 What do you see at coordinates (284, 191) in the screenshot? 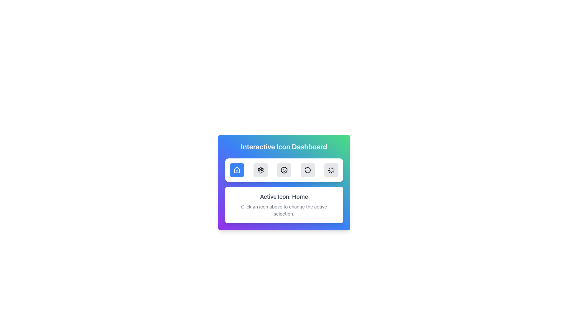
I see `the text label that displays information about the currently active icon and instructions for changing the selection` at bounding box center [284, 191].